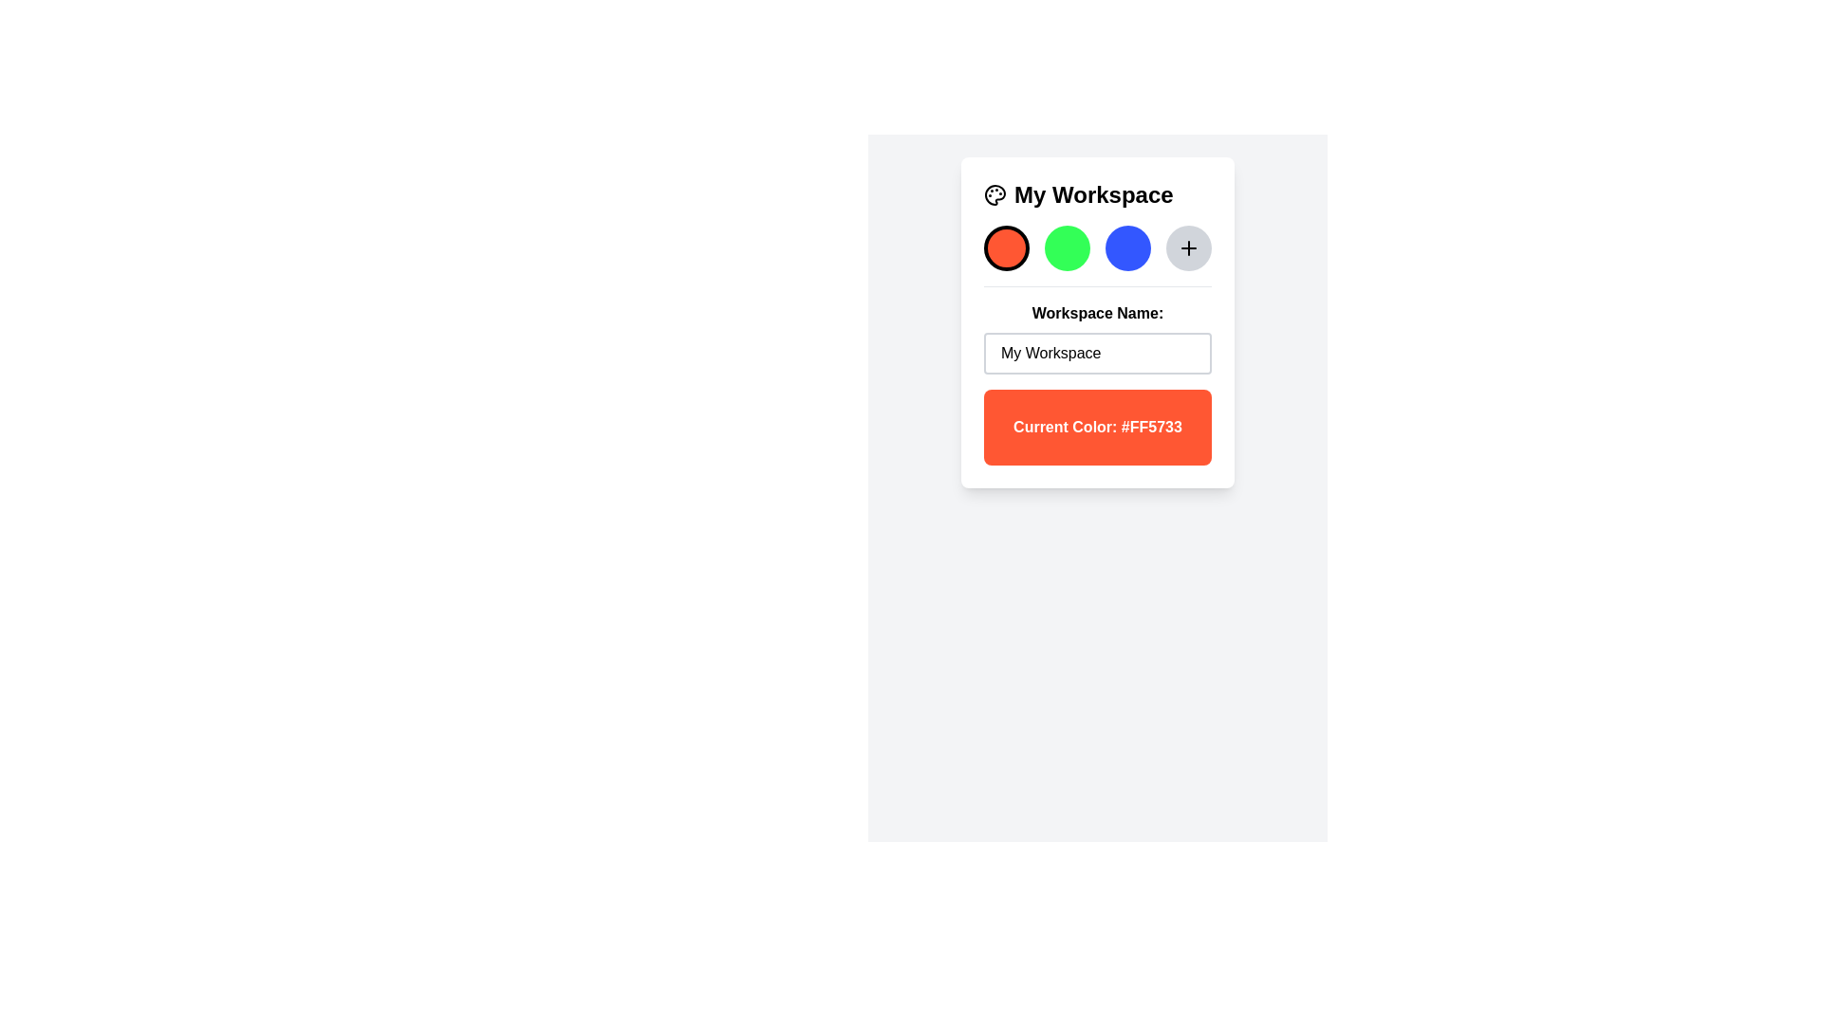 This screenshot has width=1822, height=1024. Describe the element at coordinates (1005, 247) in the screenshot. I see `the first circular button in the grid located at the top left corner of the card layout` at that location.